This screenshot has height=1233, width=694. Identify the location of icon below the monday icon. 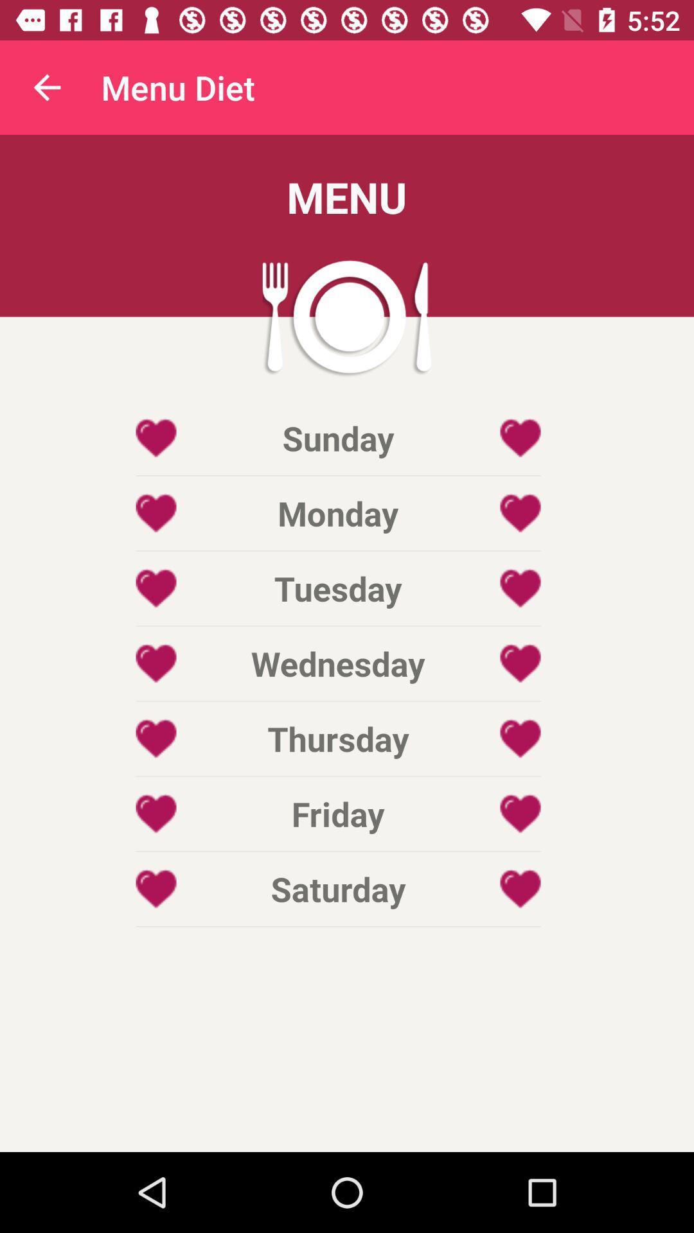
(337, 588).